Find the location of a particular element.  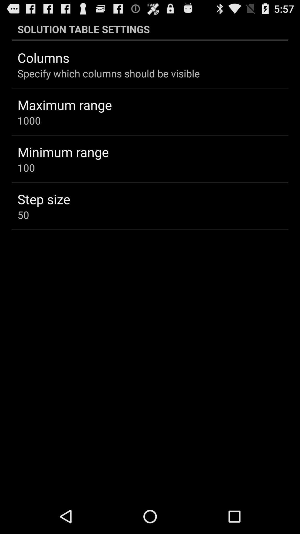

app above the step size item is located at coordinates (26, 167).